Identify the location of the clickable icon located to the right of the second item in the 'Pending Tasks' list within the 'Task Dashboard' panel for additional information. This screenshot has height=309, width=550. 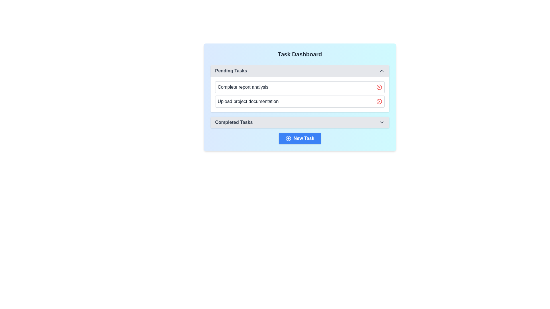
(379, 101).